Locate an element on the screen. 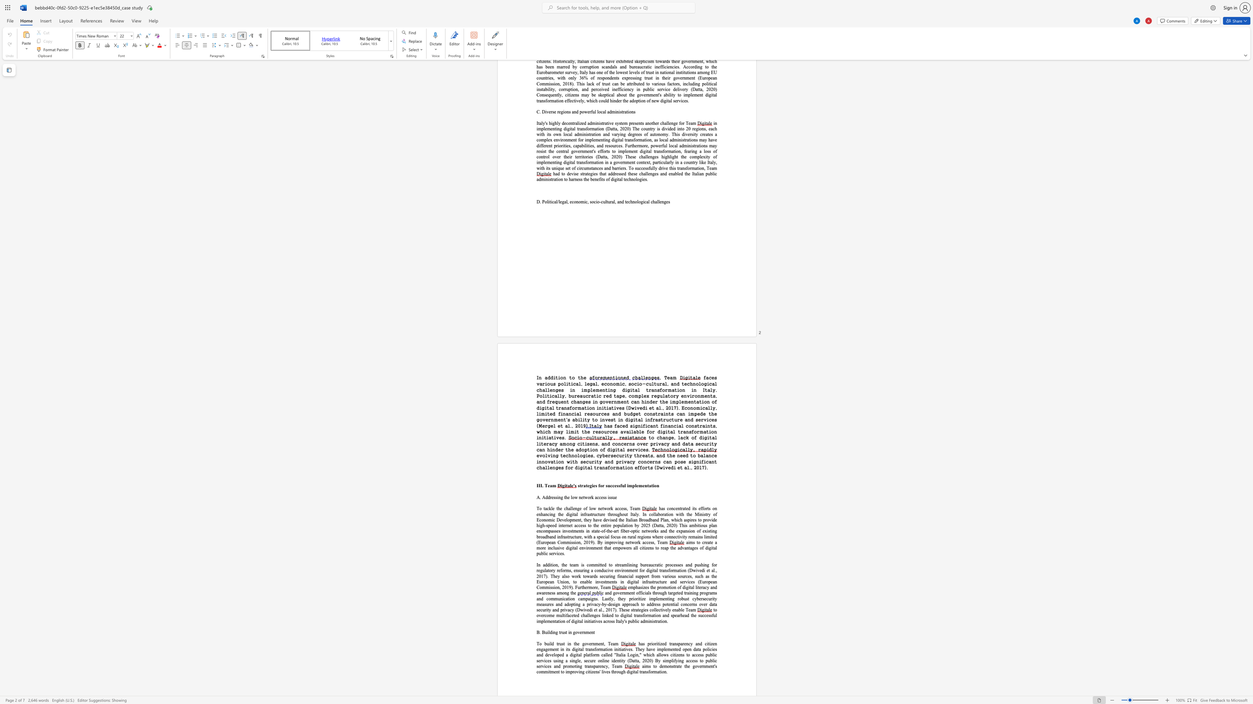  the subset text "ng programs and communication campaigns. Lastly, they prioritize implementing robust cybersecurity measures and adopting a privac" within the text "ficials through targeted training programs and communication campaigns. Lastly, they prioritize implementing robust cybersecurity measures and adopting a privacy-by-design approach to address potential concerns over data security and privacy (Dwivedi et al., 2017). These strategies collectively enable Team" is located at coordinates (694, 593).